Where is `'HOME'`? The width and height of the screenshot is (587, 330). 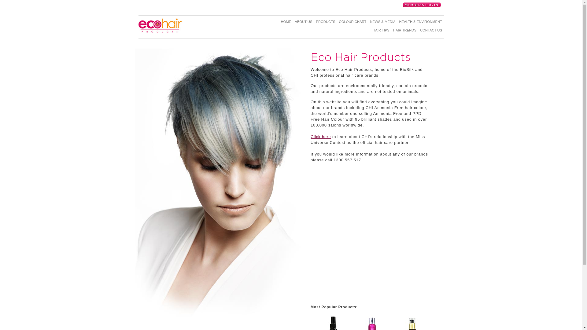 'HOME' is located at coordinates (279, 22).